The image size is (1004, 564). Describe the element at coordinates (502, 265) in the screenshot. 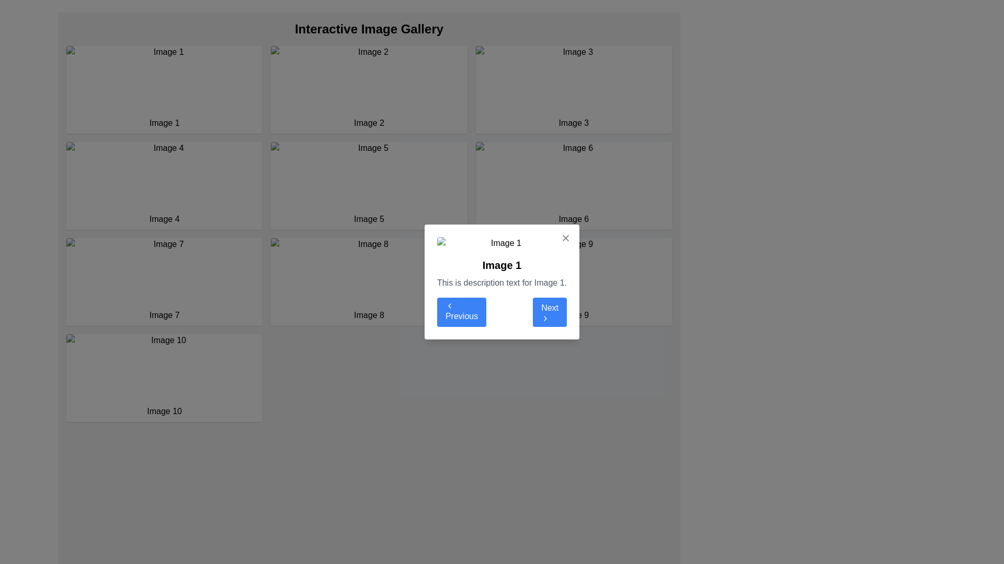

I see `the text label 'Image 1' which identifies the content of the modal, positioned above the descriptive text and between the illustrative image and navigational buttons` at that location.